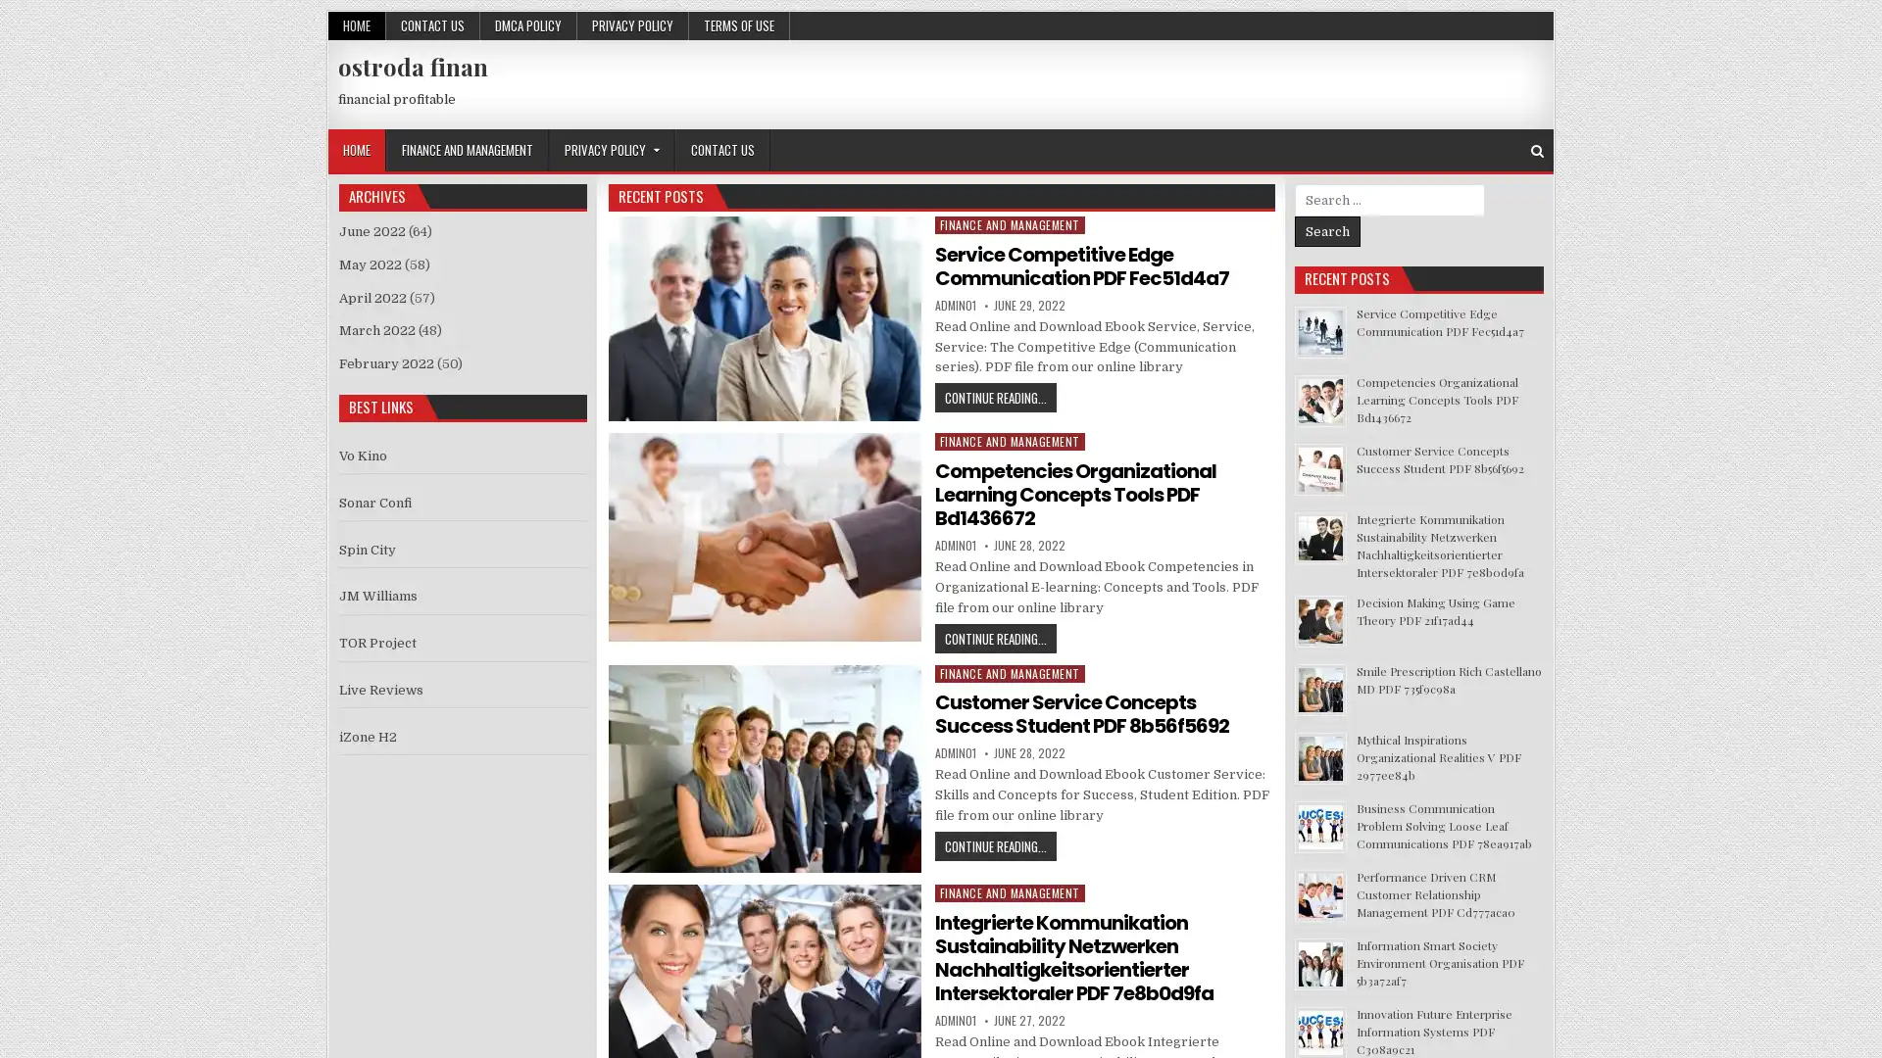 This screenshot has width=1882, height=1058. I want to click on Search, so click(1327, 230).